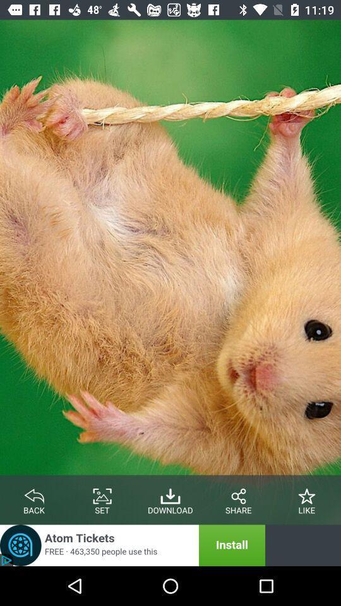 This screenshot has height=606, width=341. Describe the element at coordinates (170, 494) in the screenshot. I see `download key` at that location.